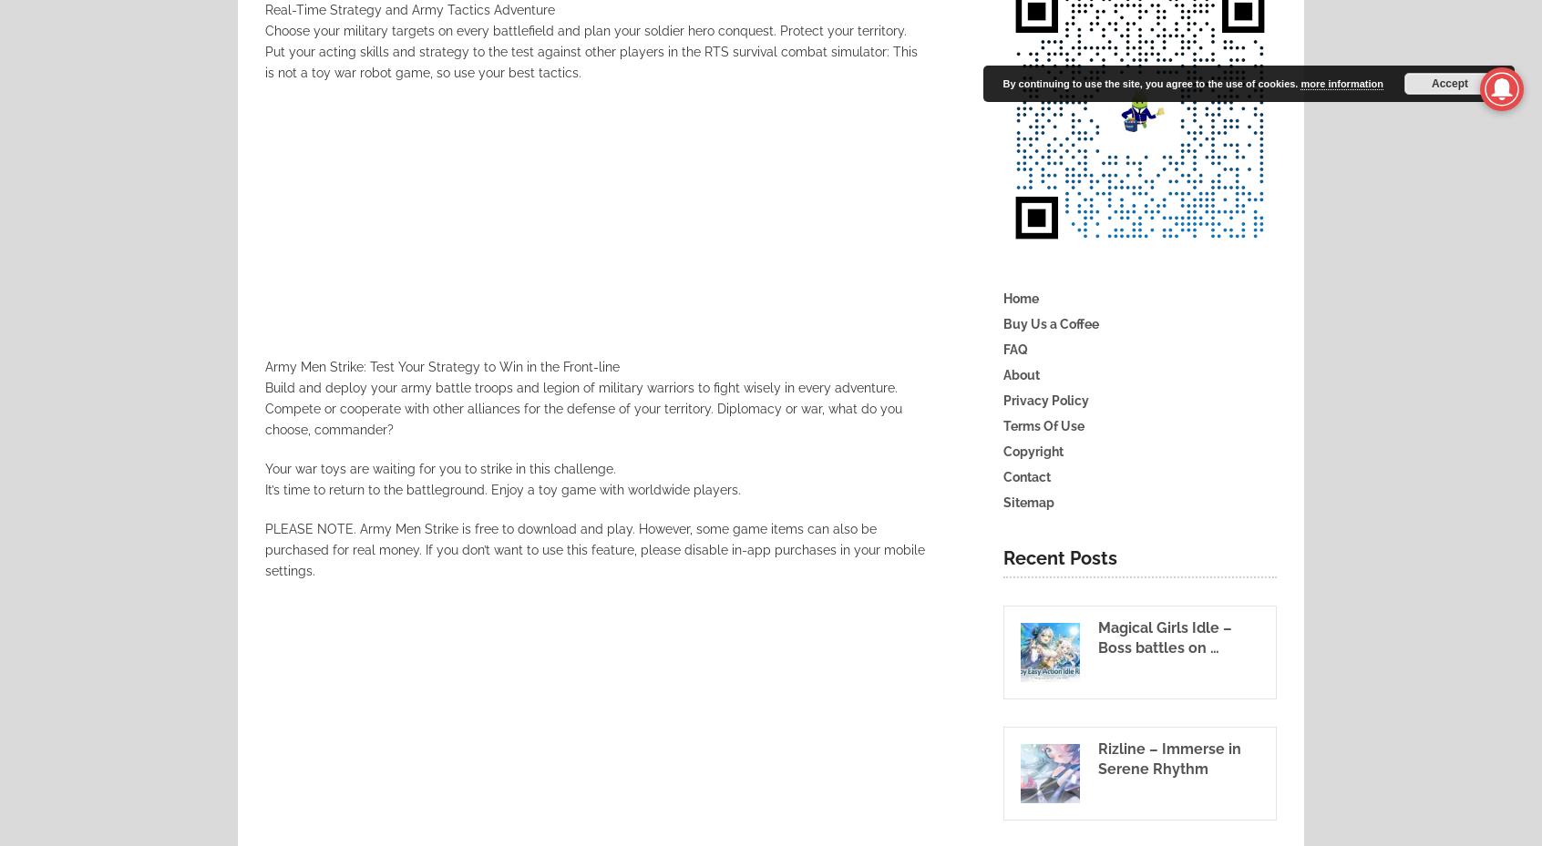 The width and height of the screenshot is (1542, 846). What do you see at coordinates (1043, 426) in the screenshot?
I see `'Terms Of Use'` at bounding box center [1043, 426].